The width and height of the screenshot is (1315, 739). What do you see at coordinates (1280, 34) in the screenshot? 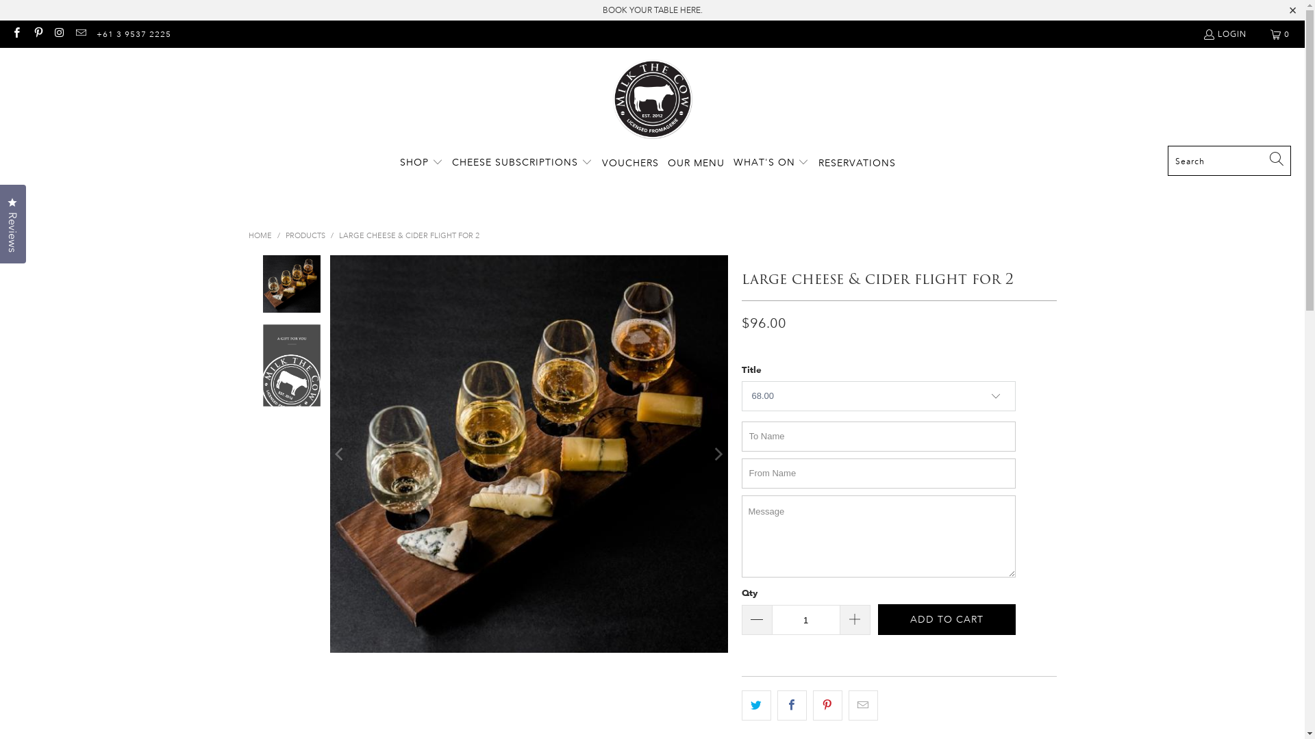
I see `'0'` at bounding box center [1280, 34].